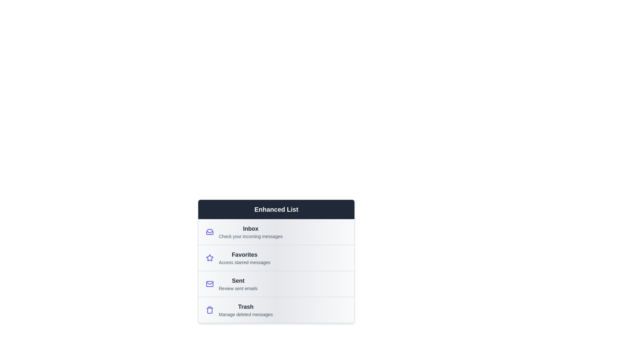 Image resolution: width=617 pixels, height=347 pixels. What do you see at coordinates (244, 254) in the screenshot?
I see `the 'Favorites' text label located in the 'Enhanced List' menu, which is the second item from the top, positioned above 'Access starred messages' and below 'Inbox'` at bounding box center [244, 254].